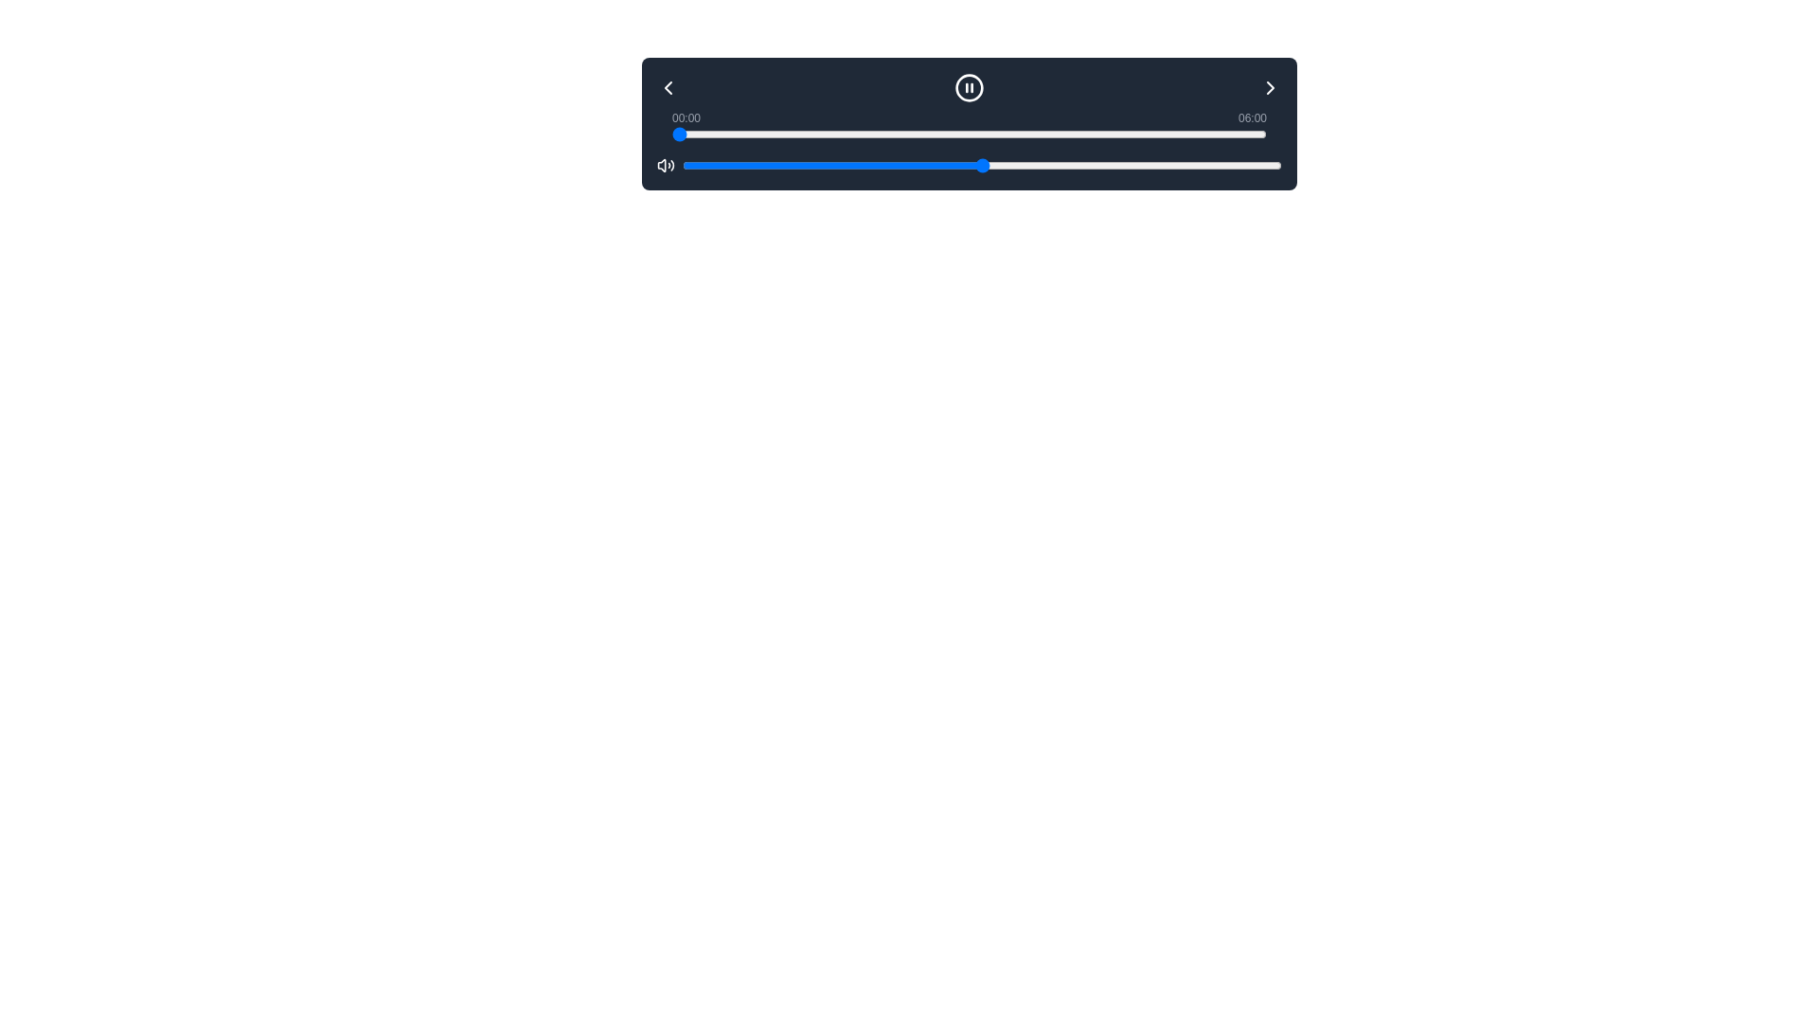  What do you see at coordinates (1221, 164) in the screenshot?
I see `volume` at bounding box center [1221, 164].